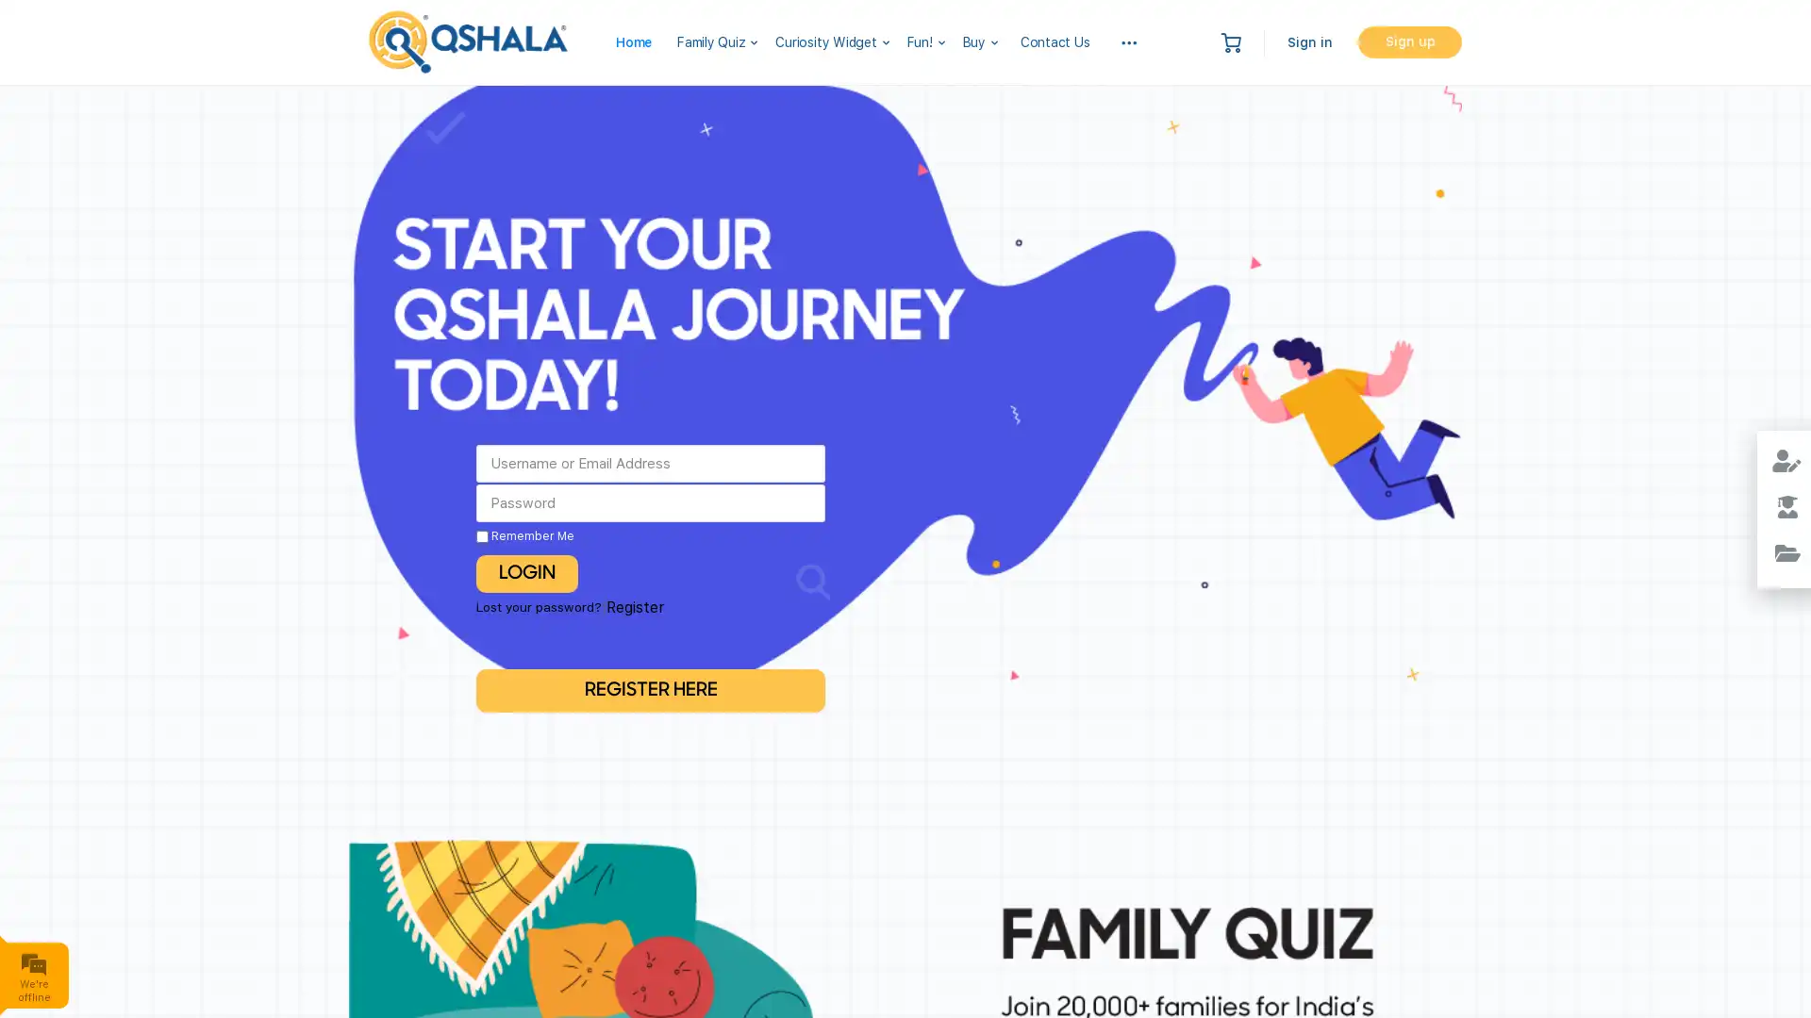  Describe the element at coordinates (526, 572) in the screenshot. I see `LOGIN` at that location.